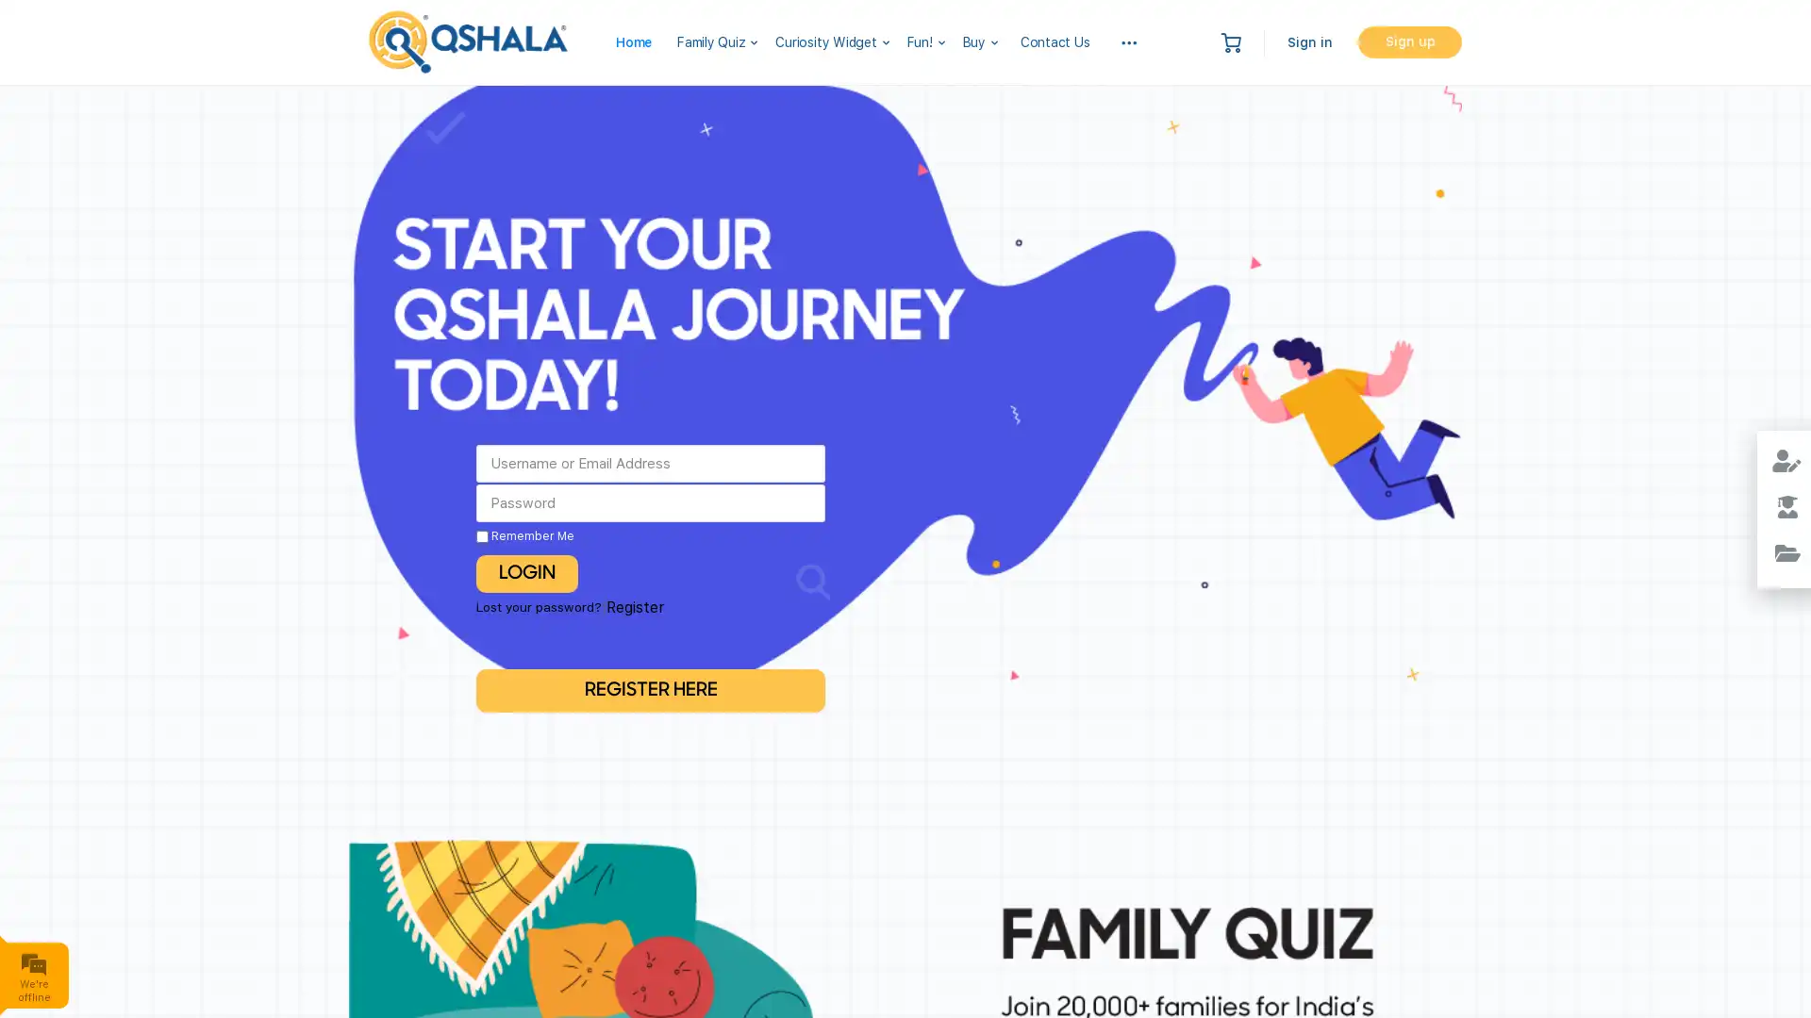  Describe the element at coordinates (526, 572) in the screenshot. I see `LOGIN` at that location.